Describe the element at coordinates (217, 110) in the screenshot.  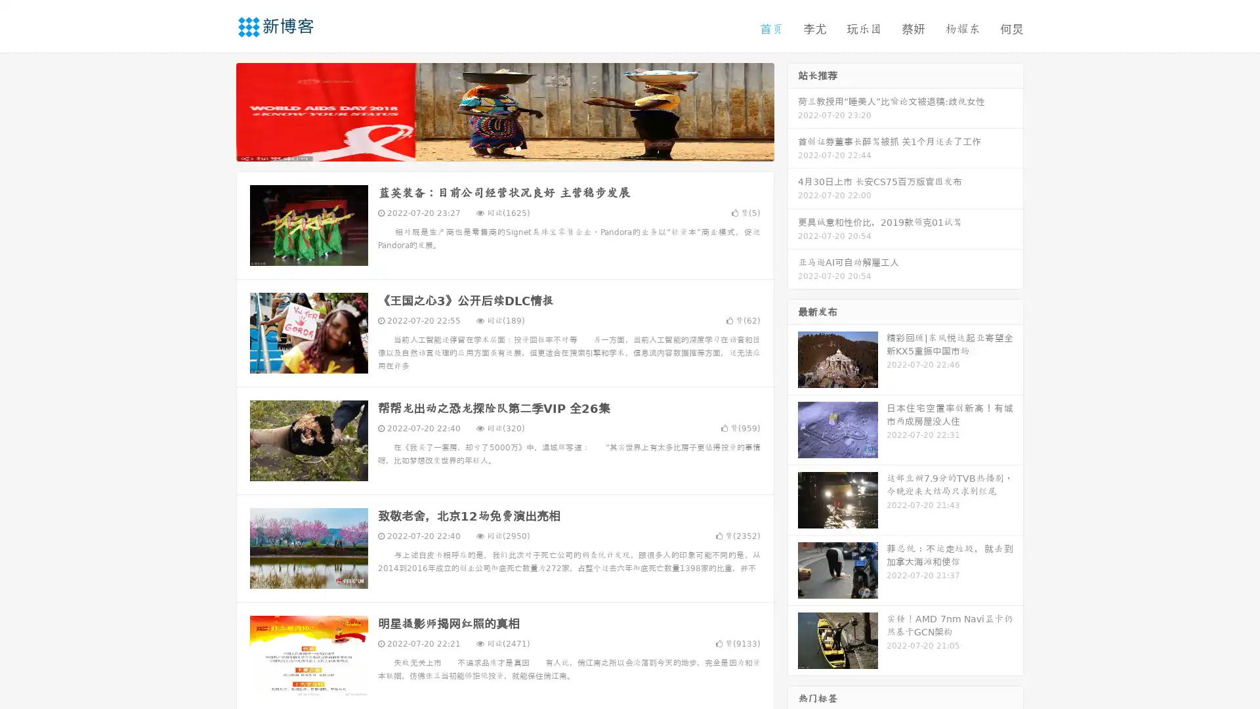
I see `Previous slide` at that location.